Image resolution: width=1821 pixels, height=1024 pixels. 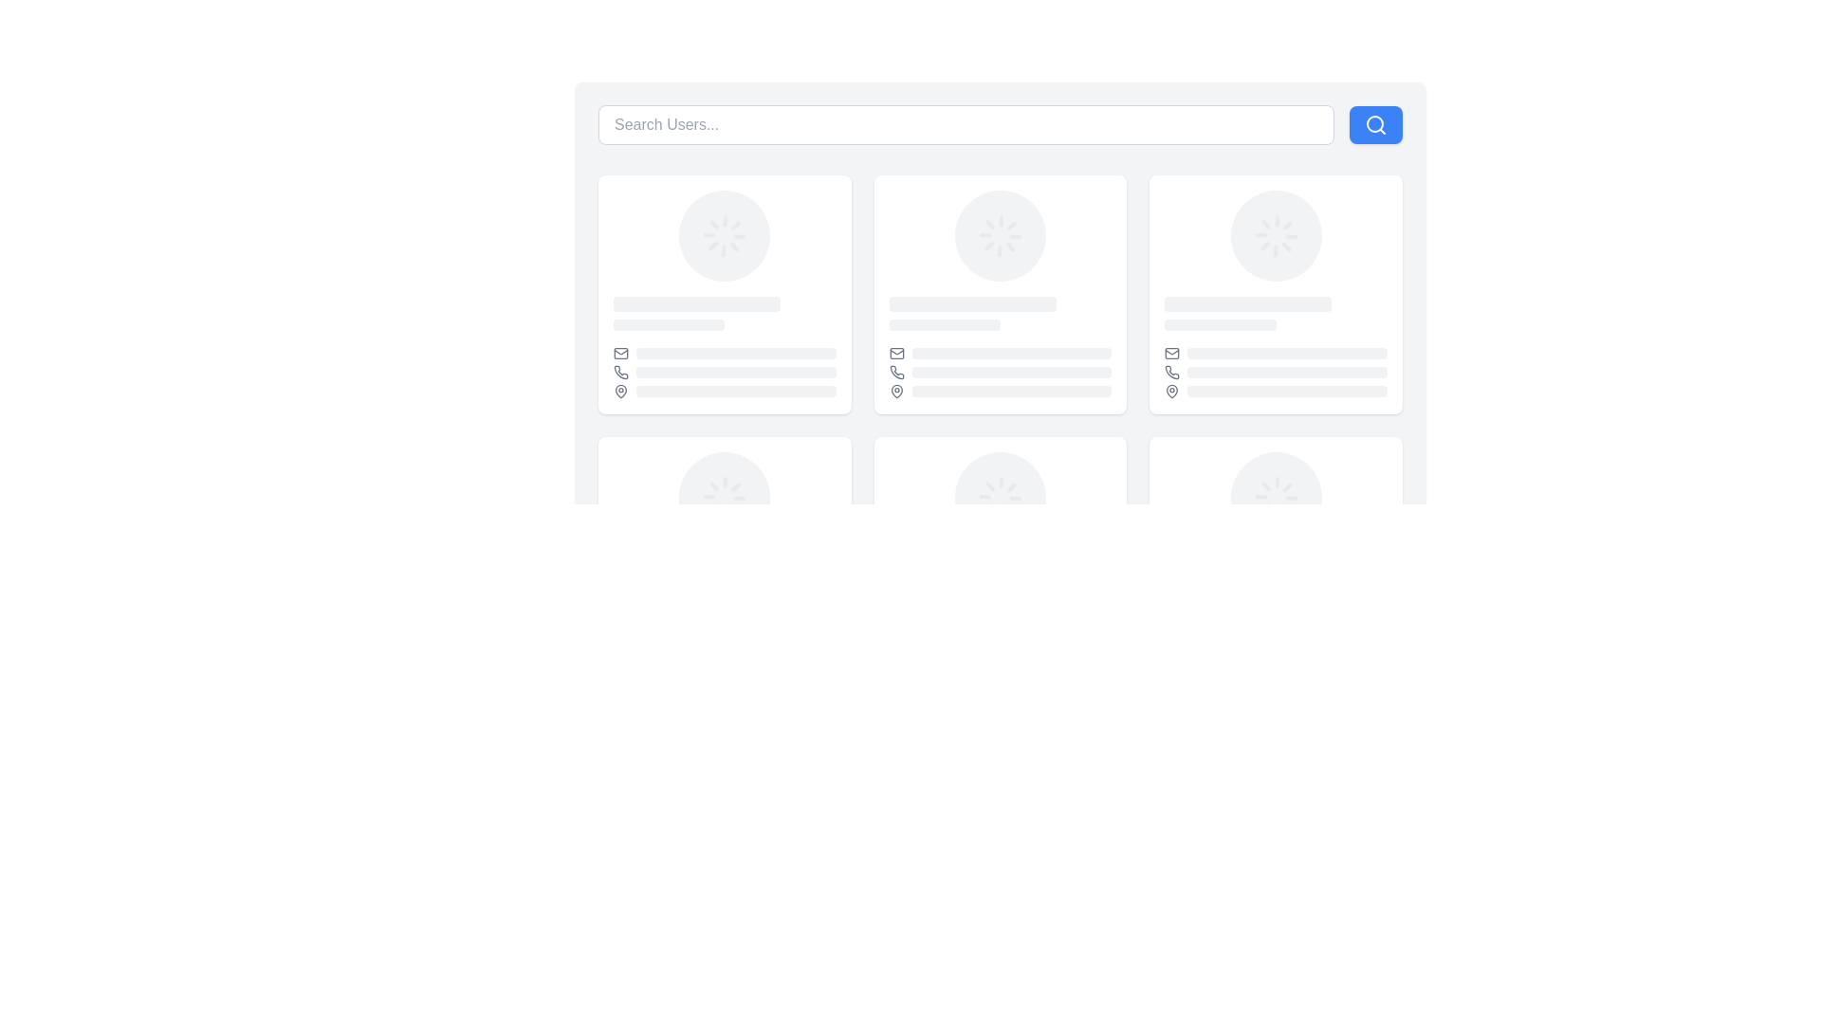 What do you see at coordinates (724, 496) in the screenshot?
I see `the circular loading spinner component located in the center of the card layout, which features a gray background and a spinning animation` at bounding box center [724, 496].